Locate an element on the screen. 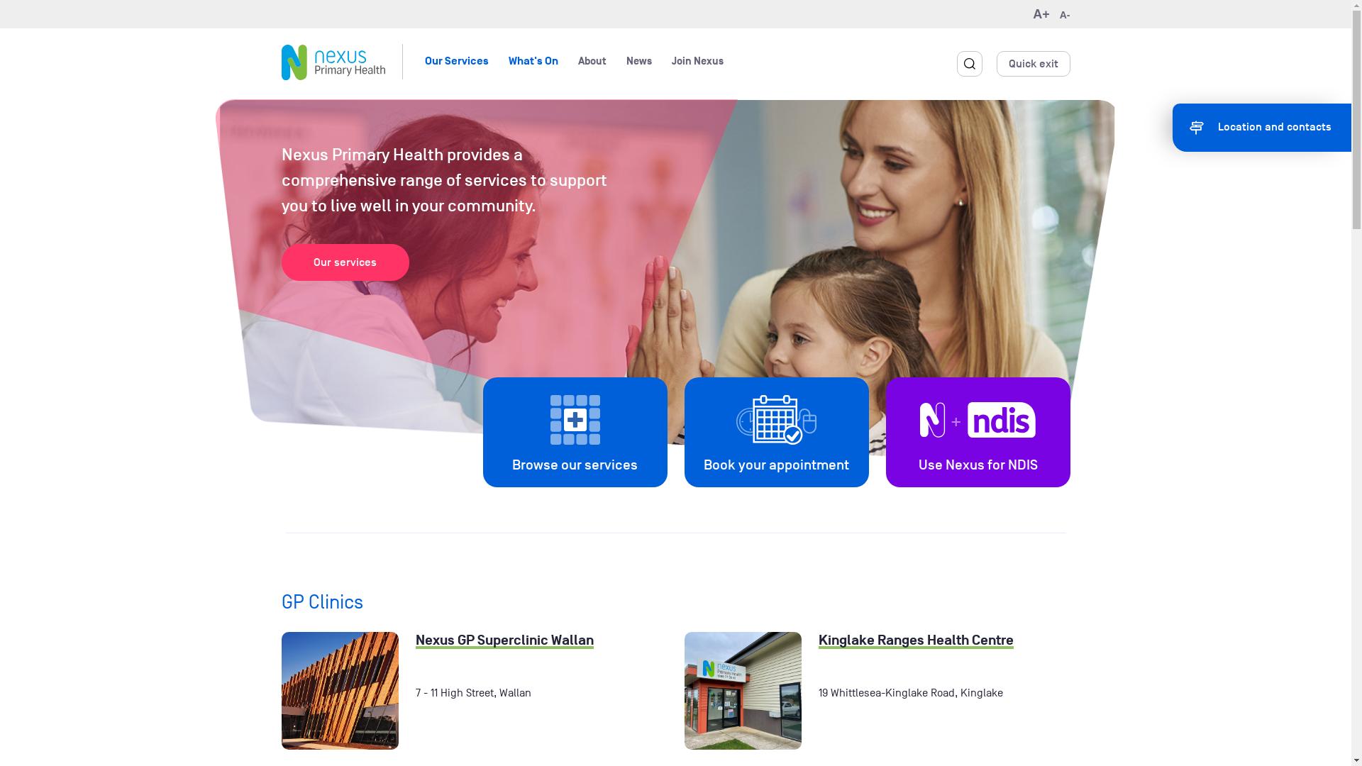  'News' is located at coordinates (625, 60).